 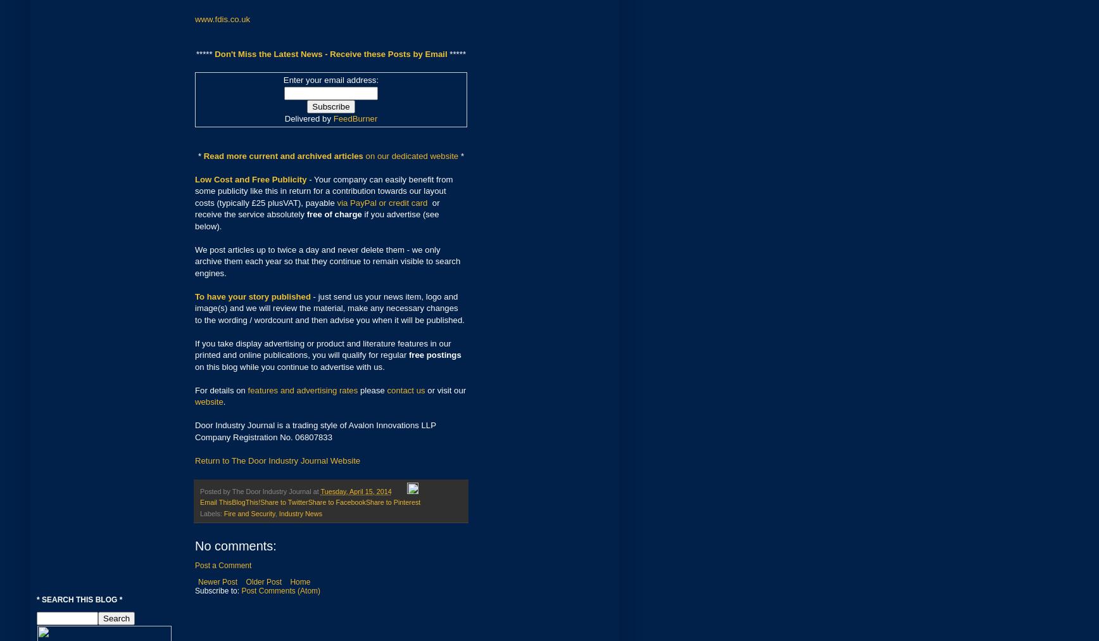 I want to click on '- Your company can easily benefit from some publicity like this in return for a contribution towards our layout costs (typically £25 plusVAT), payable', so click(x=323, y=189).